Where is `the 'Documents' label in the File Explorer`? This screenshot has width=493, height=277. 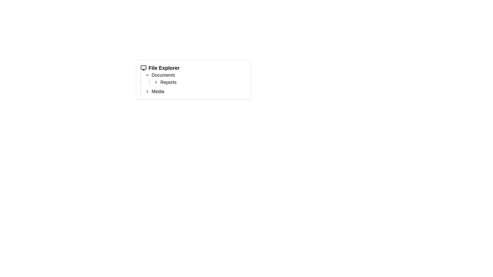 the 'Documents' label in the File Explorer is located at coordinates (163, 75).